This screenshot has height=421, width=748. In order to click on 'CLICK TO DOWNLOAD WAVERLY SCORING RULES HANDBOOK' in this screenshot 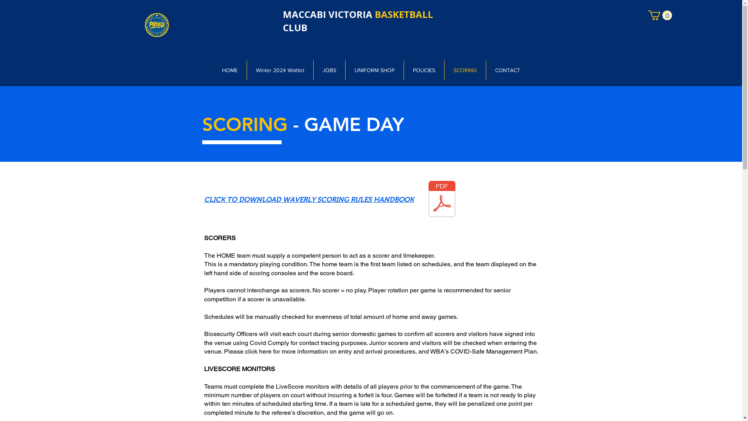, I will do `click(308, 199)`.